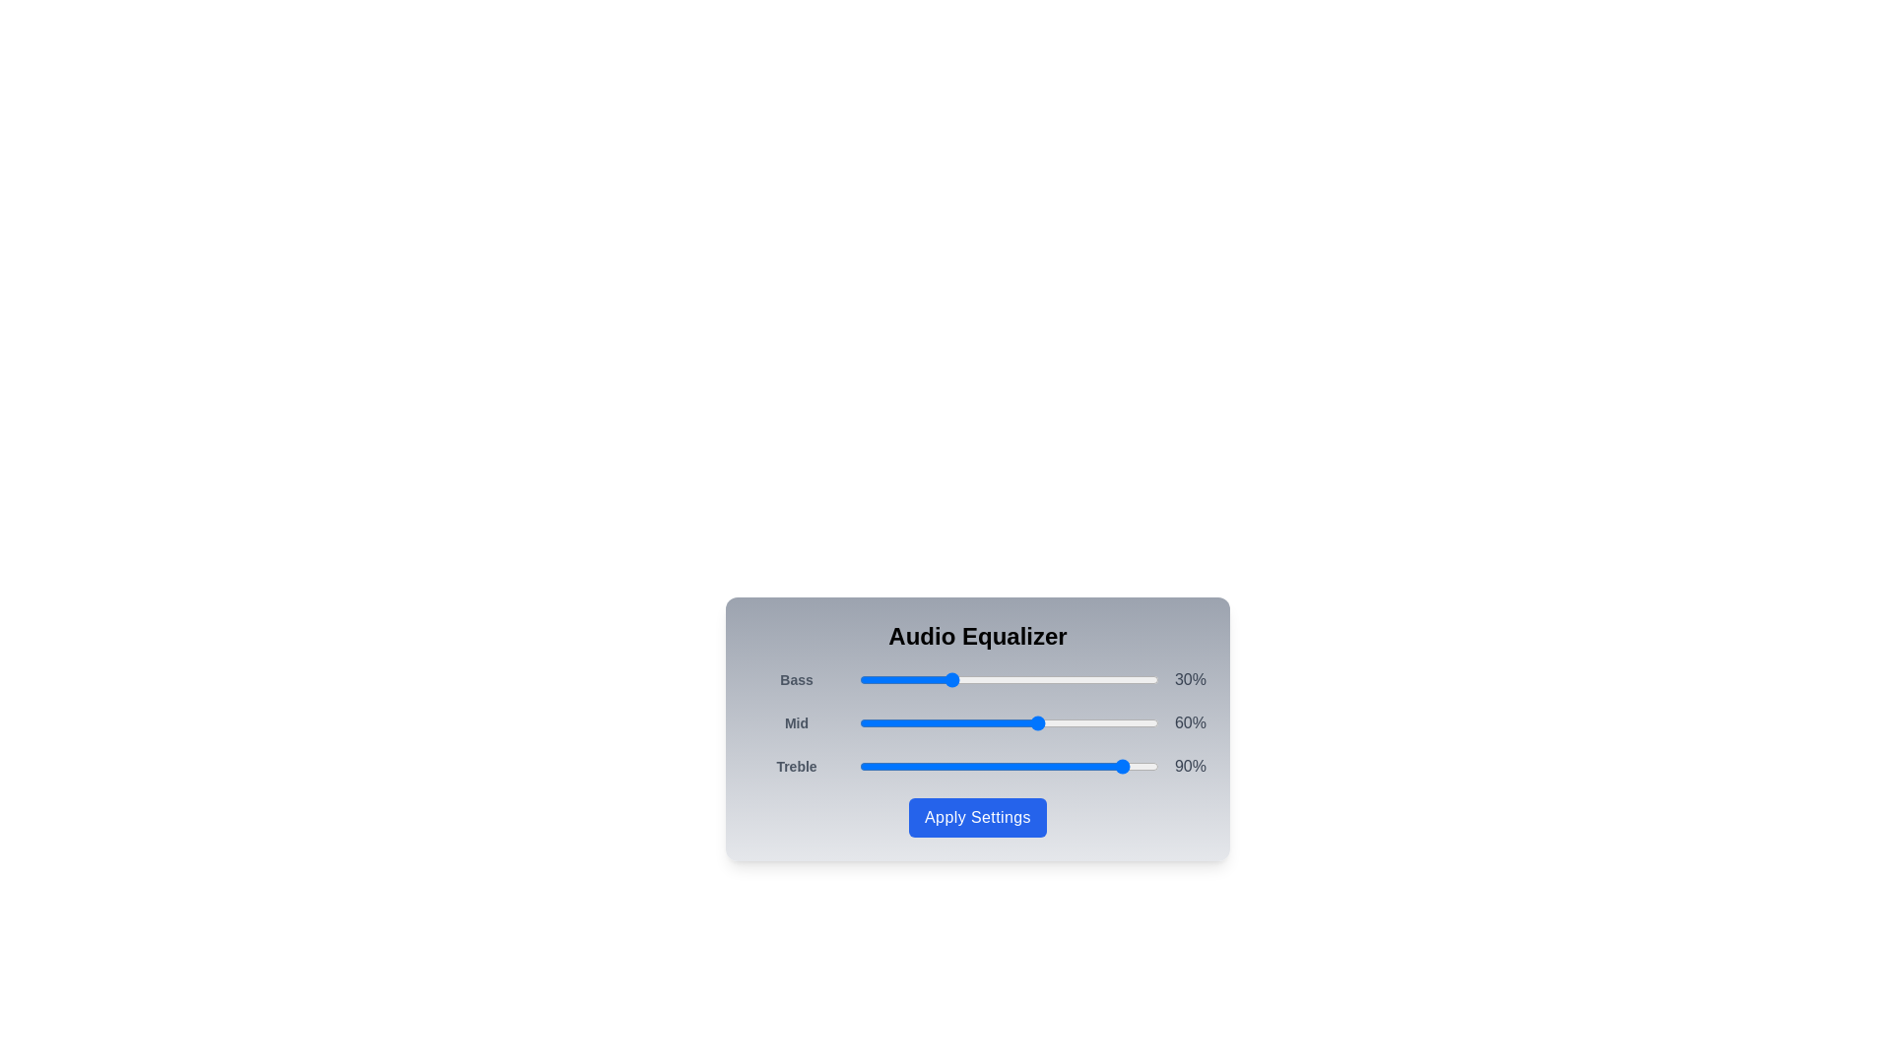 Image resolution: width=1891 pixels, height=1063 pixels. I want to click on the 0 slider to 49%, so click(1007, 678).